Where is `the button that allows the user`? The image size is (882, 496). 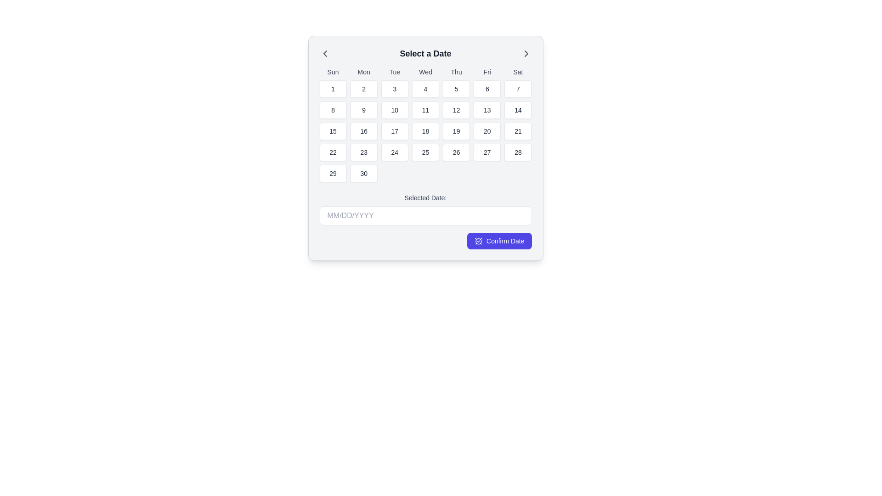 the button that allows the user is located at coordinates (425, 131).